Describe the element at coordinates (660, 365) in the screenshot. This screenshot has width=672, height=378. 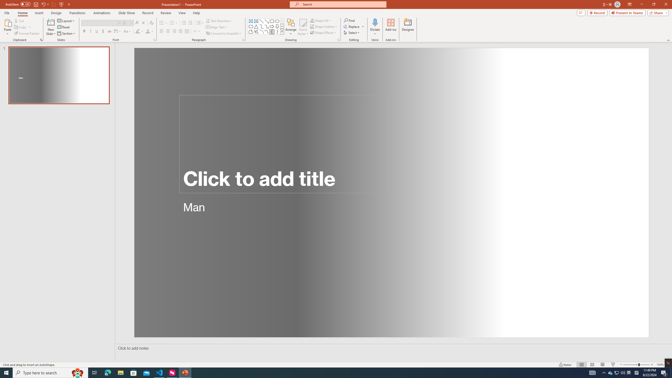
I see `'Zoom 154%'` at that location.